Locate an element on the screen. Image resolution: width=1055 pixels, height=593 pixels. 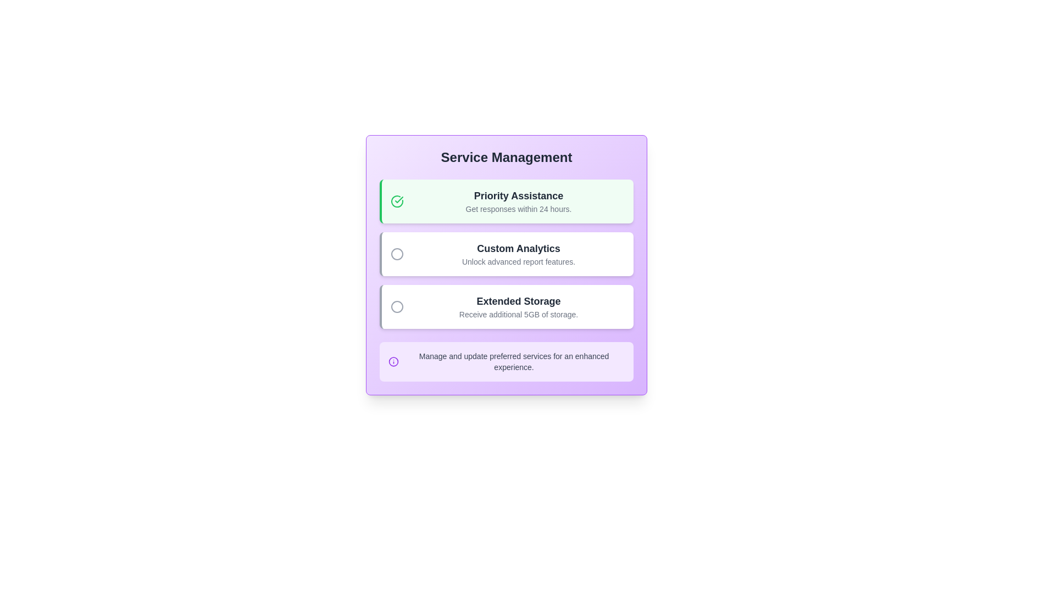
the informational icon located to the left of the text 'Manage and update preferred services for an enhanced experience.' is located at coordinates (393, 362).